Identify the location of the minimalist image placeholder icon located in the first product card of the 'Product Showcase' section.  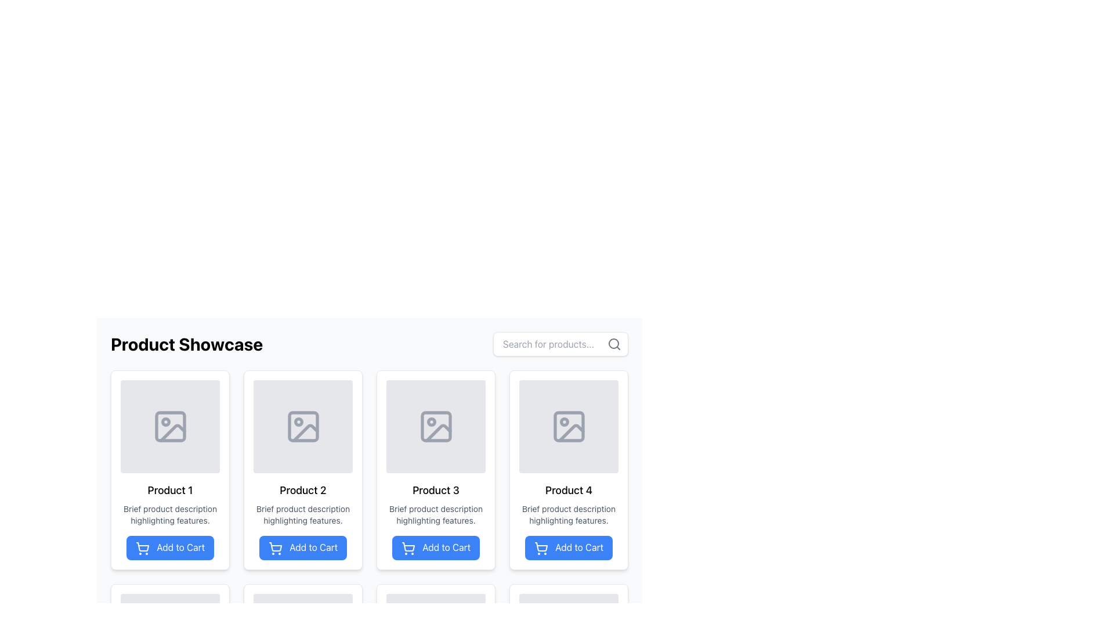
(169, 427).